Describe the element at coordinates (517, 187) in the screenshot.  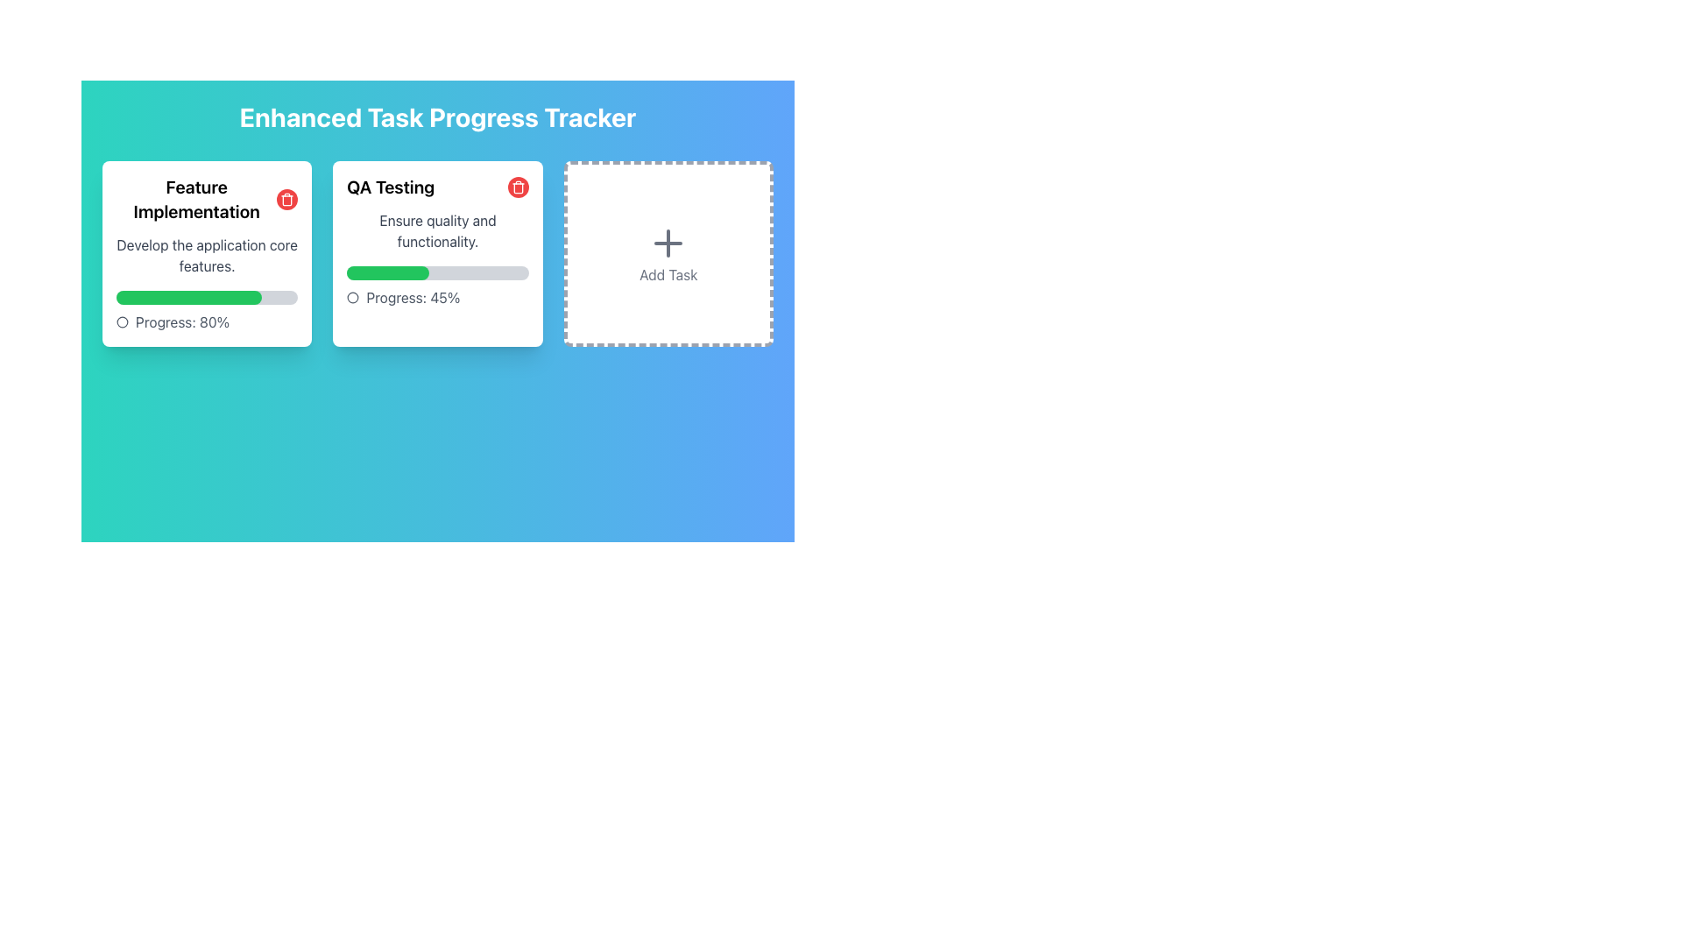
I see `the red circular button with a white trash can icon located in the upper-right corner of the 'QA Testing' card` at that location.